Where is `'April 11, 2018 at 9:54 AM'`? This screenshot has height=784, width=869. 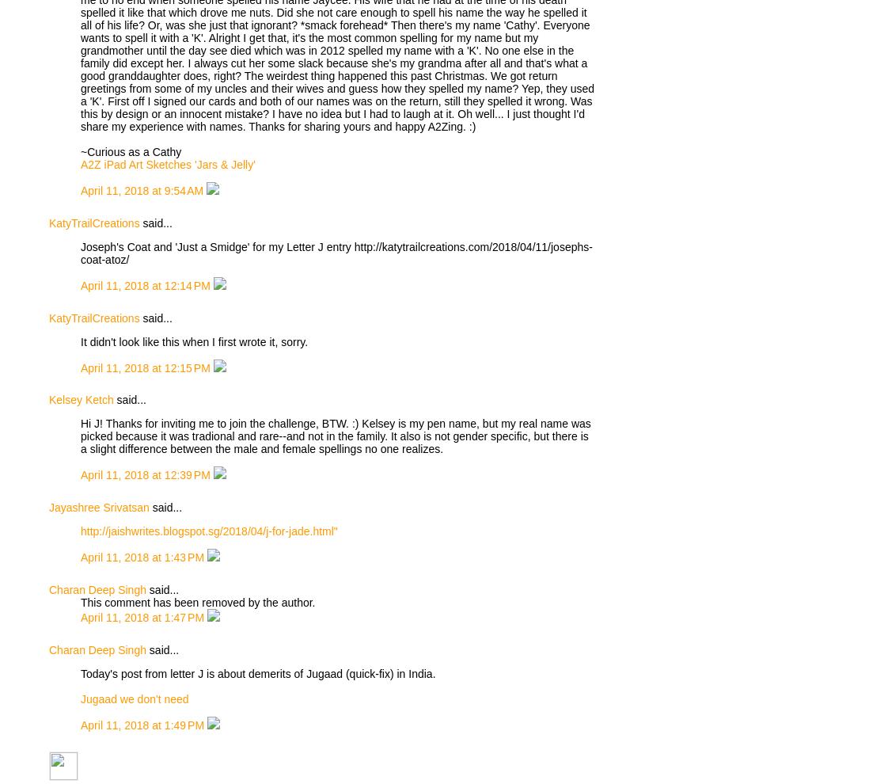
'April 11, 2018 at 9:54 AM' is located at coordinates (81, 189).